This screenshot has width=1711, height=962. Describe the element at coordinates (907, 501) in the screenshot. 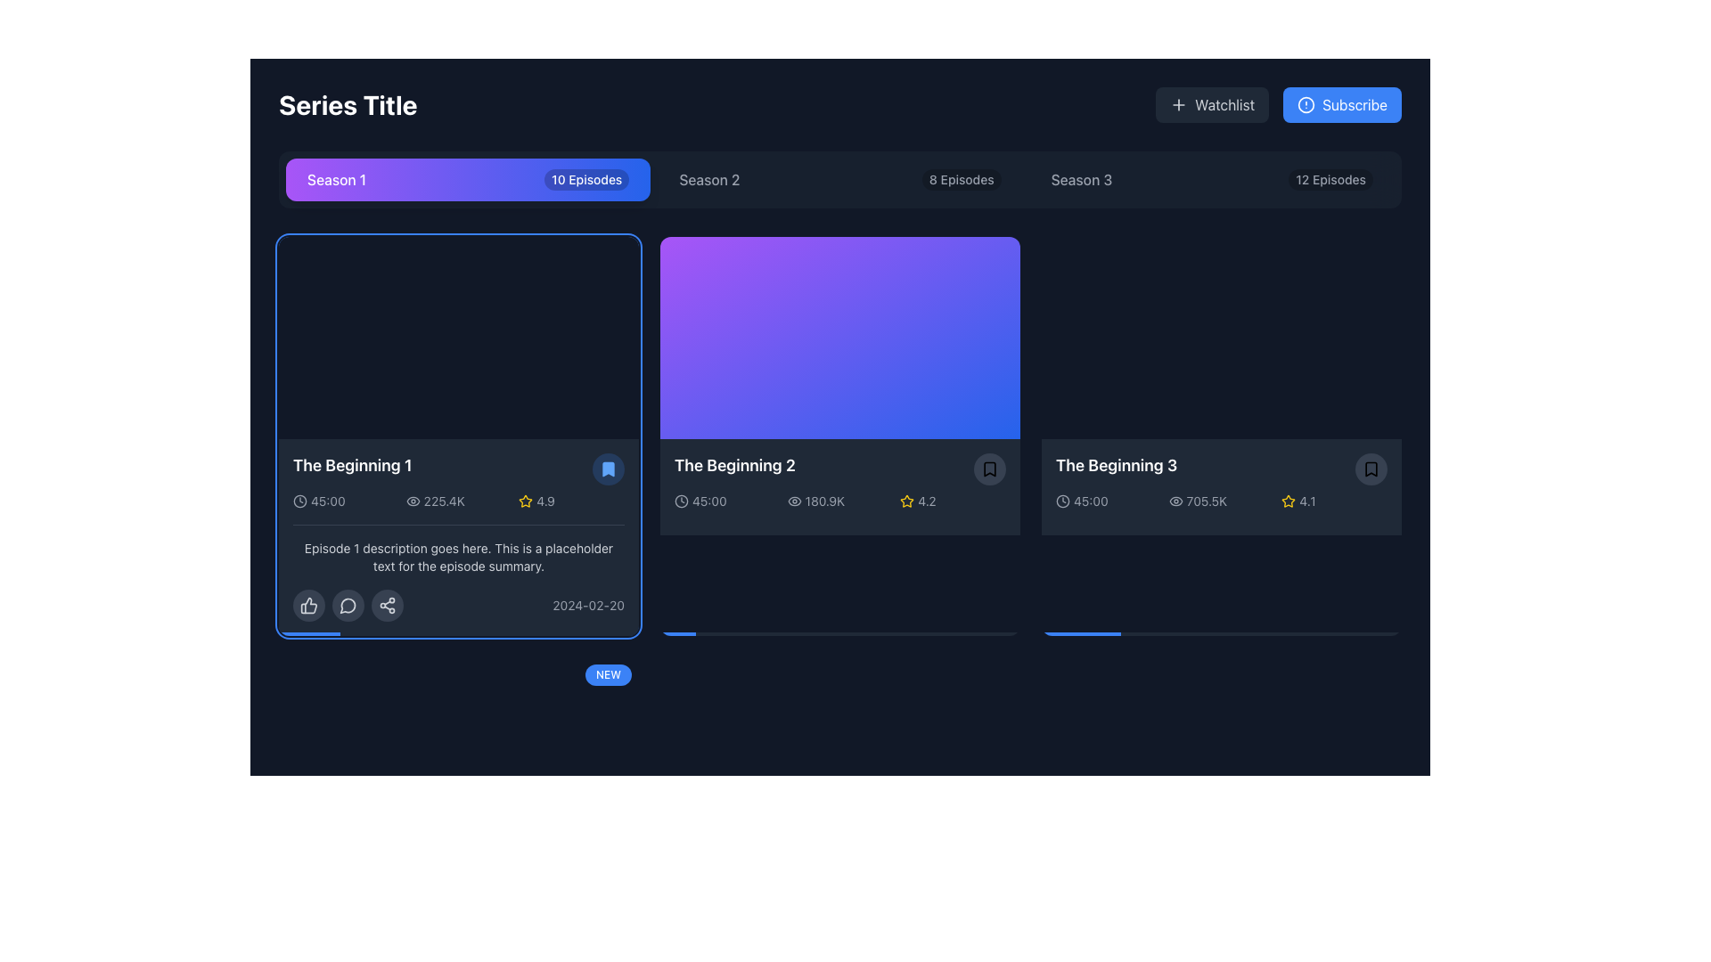

I see `the static star-shaped rating icon located in the second card titled 'The Beginning 2', positioned in the rating section to the right of the view count` at that location.